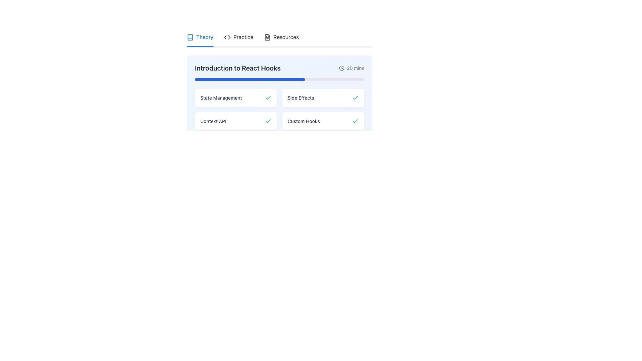 This screenshot has width=642, height=361. I want to click on the progress bar located below the heading 'Introduction to React Hooks' and the duration label '20 mins', which visually indicates the completion percentage of the associated module, so click(279, 79).